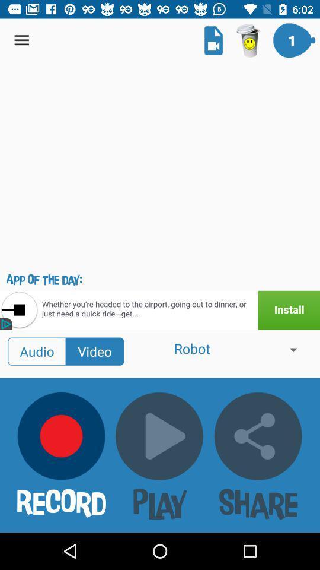  What do you see at coordinates (257, 436) in the screenshot?
I see `the share button` at bounding box center [257, 436].